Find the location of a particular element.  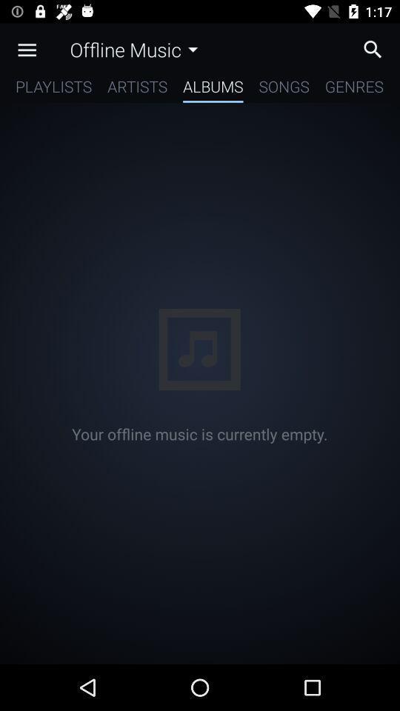

item next to the offline music item is located at coordinates (27, 50).